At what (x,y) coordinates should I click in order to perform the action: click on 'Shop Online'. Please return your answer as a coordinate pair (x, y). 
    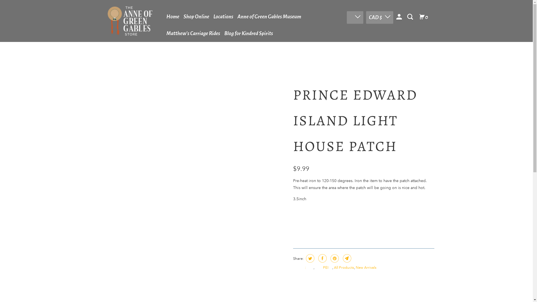
    Looking at the image, I should click on (182, 16).